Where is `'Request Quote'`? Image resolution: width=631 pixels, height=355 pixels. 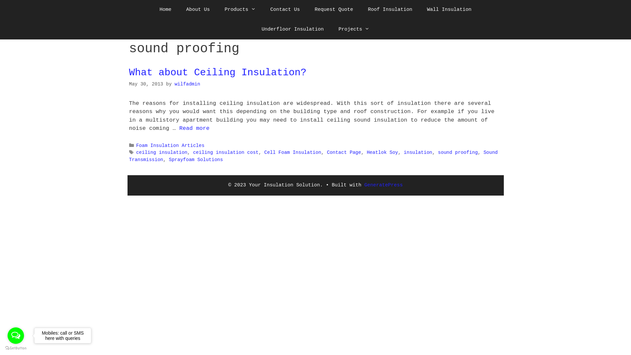
'Request Quote' is located at coordinates (334, 10).